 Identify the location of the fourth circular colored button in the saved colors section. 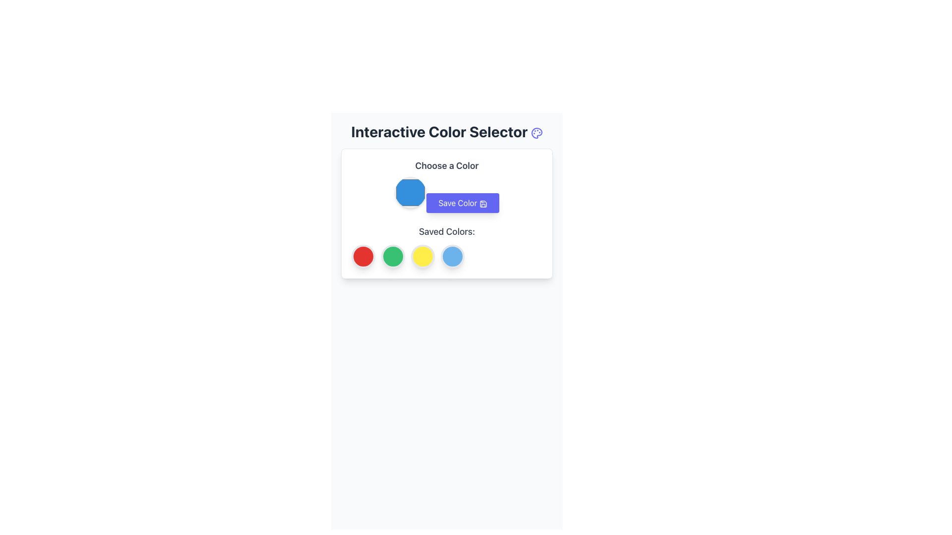
(446, 256).